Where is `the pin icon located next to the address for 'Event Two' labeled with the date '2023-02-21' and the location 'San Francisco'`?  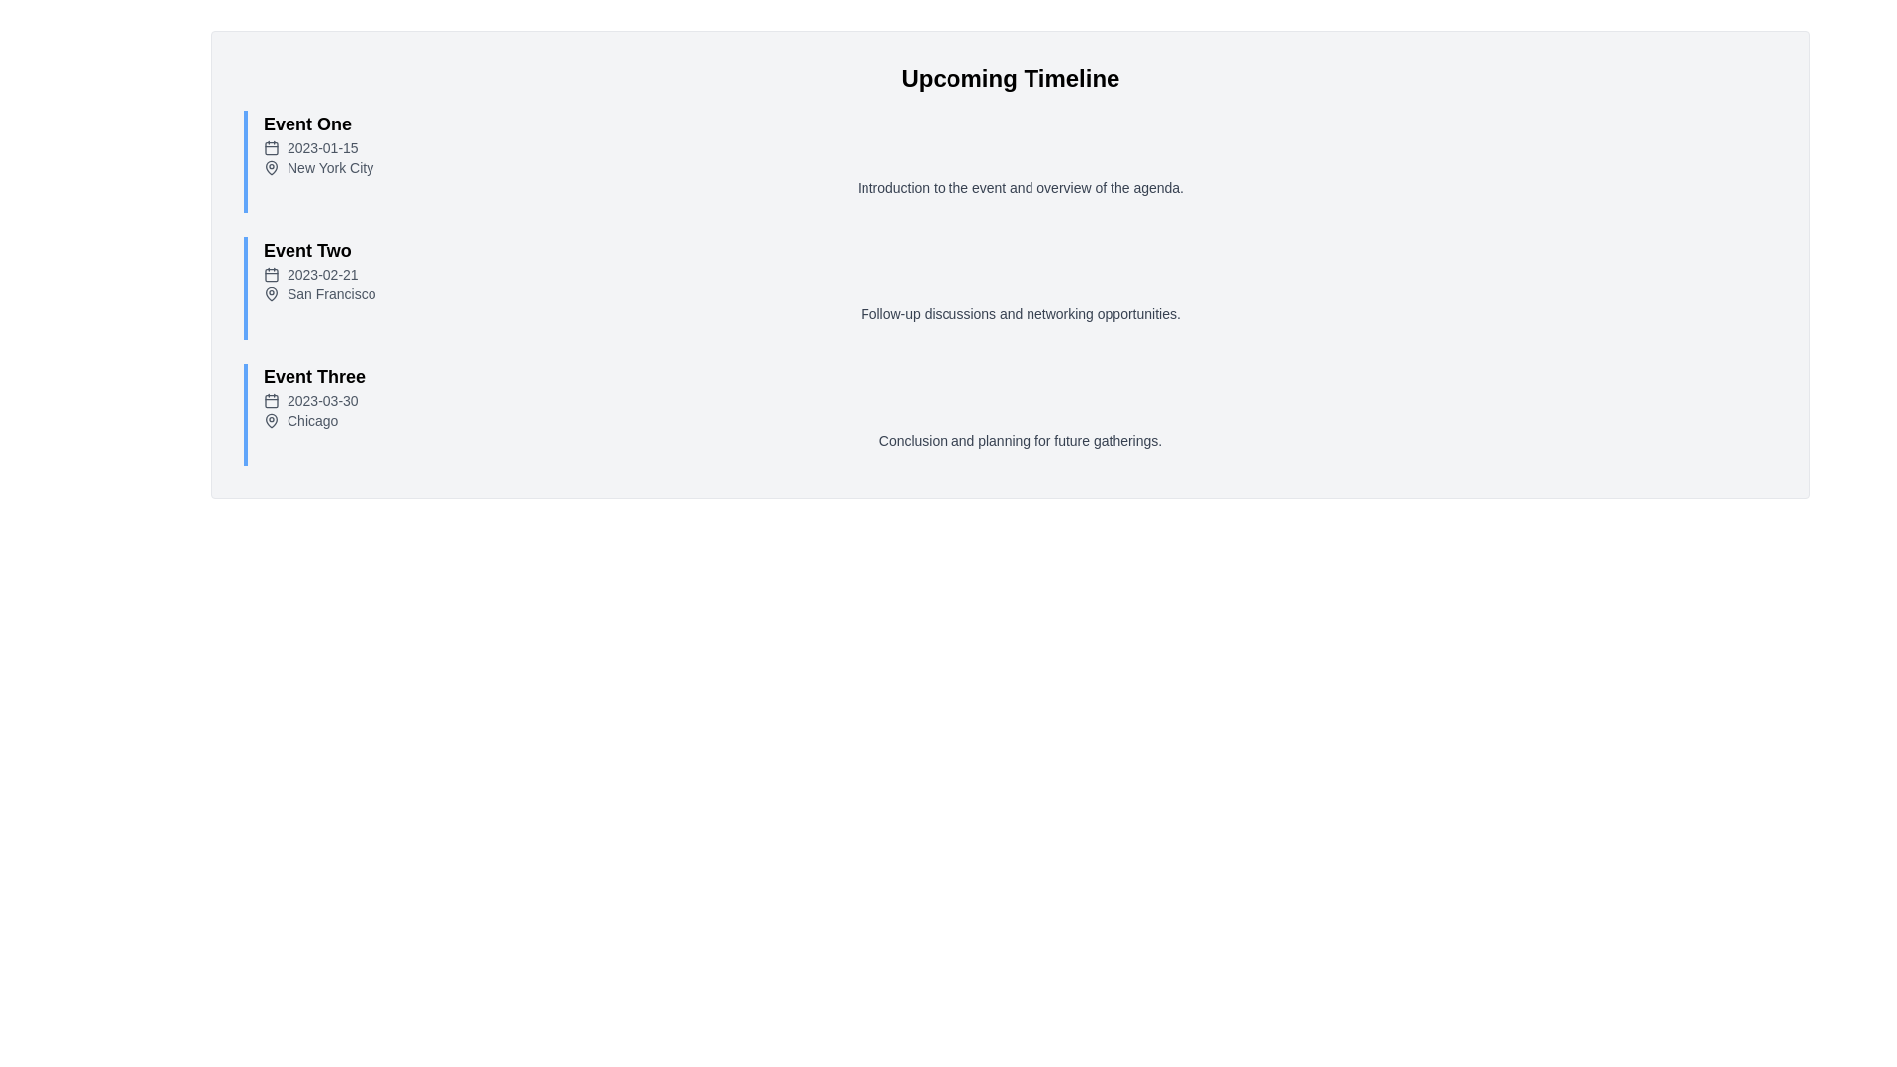
the pin icon located next to the address for 'Event Two' labeled with the date '2023-02-21' and the location 'San Francisco' is located at coordinates (270, 293).